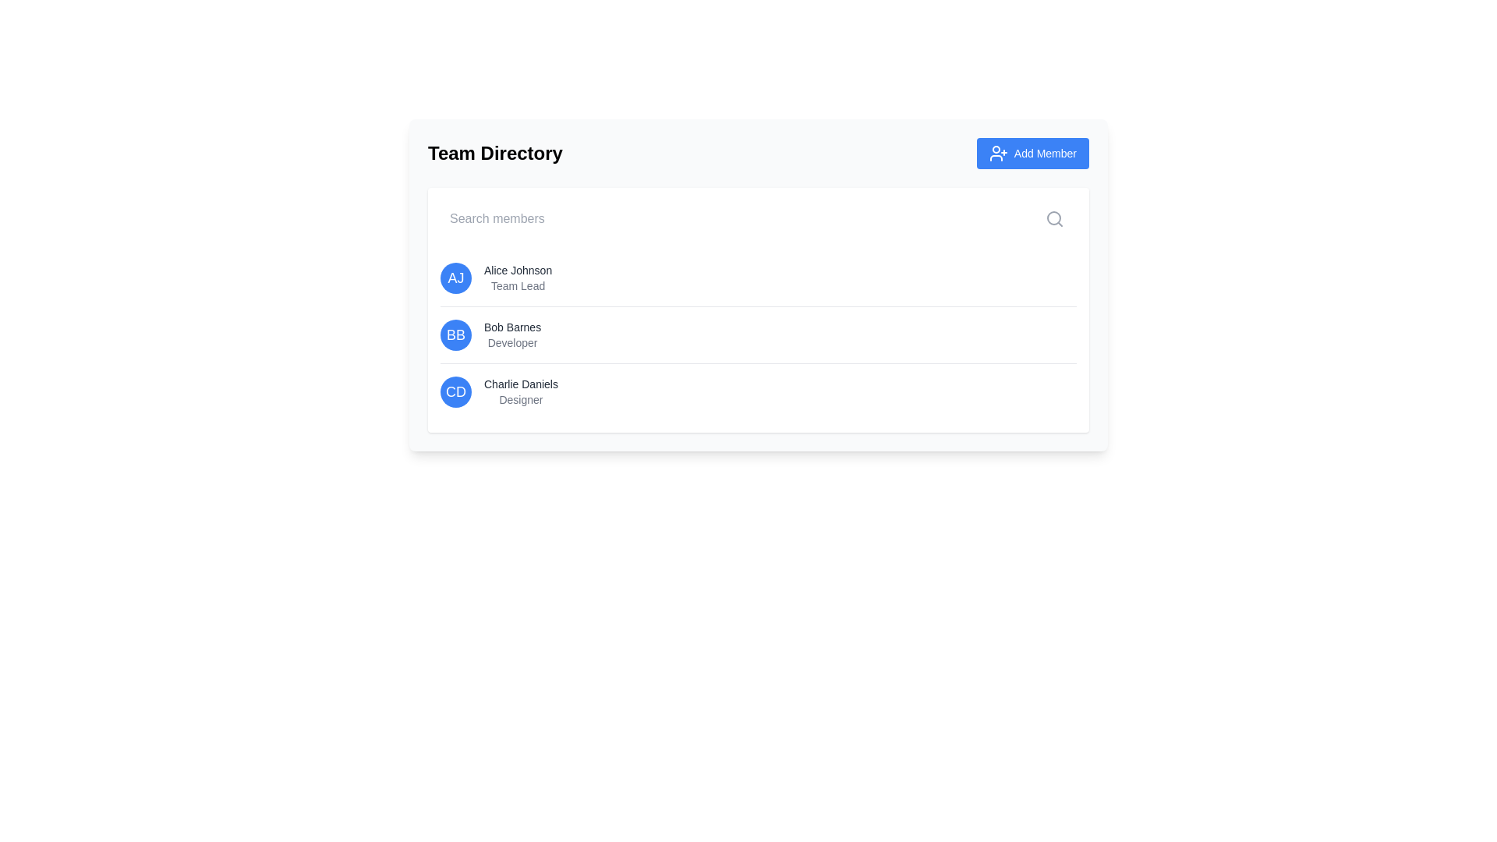 The width and height of the screenshot is (1497, 842). What do you see at coordinates (521, 391) in the screenshot?
I see `the text label identifying 'Charlie Daniels' as 'Designer'` at bounding box center [521, 391].